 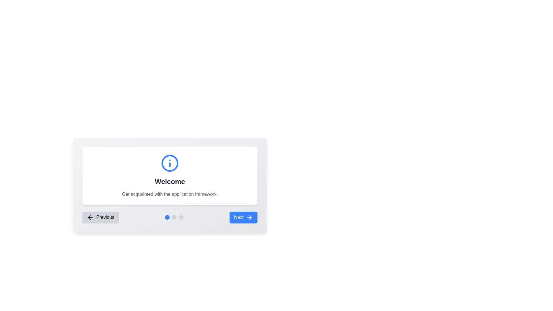 I want to click on the second pagination indicator dot located at the center bottom of the interface, so click(x=174, y=217).